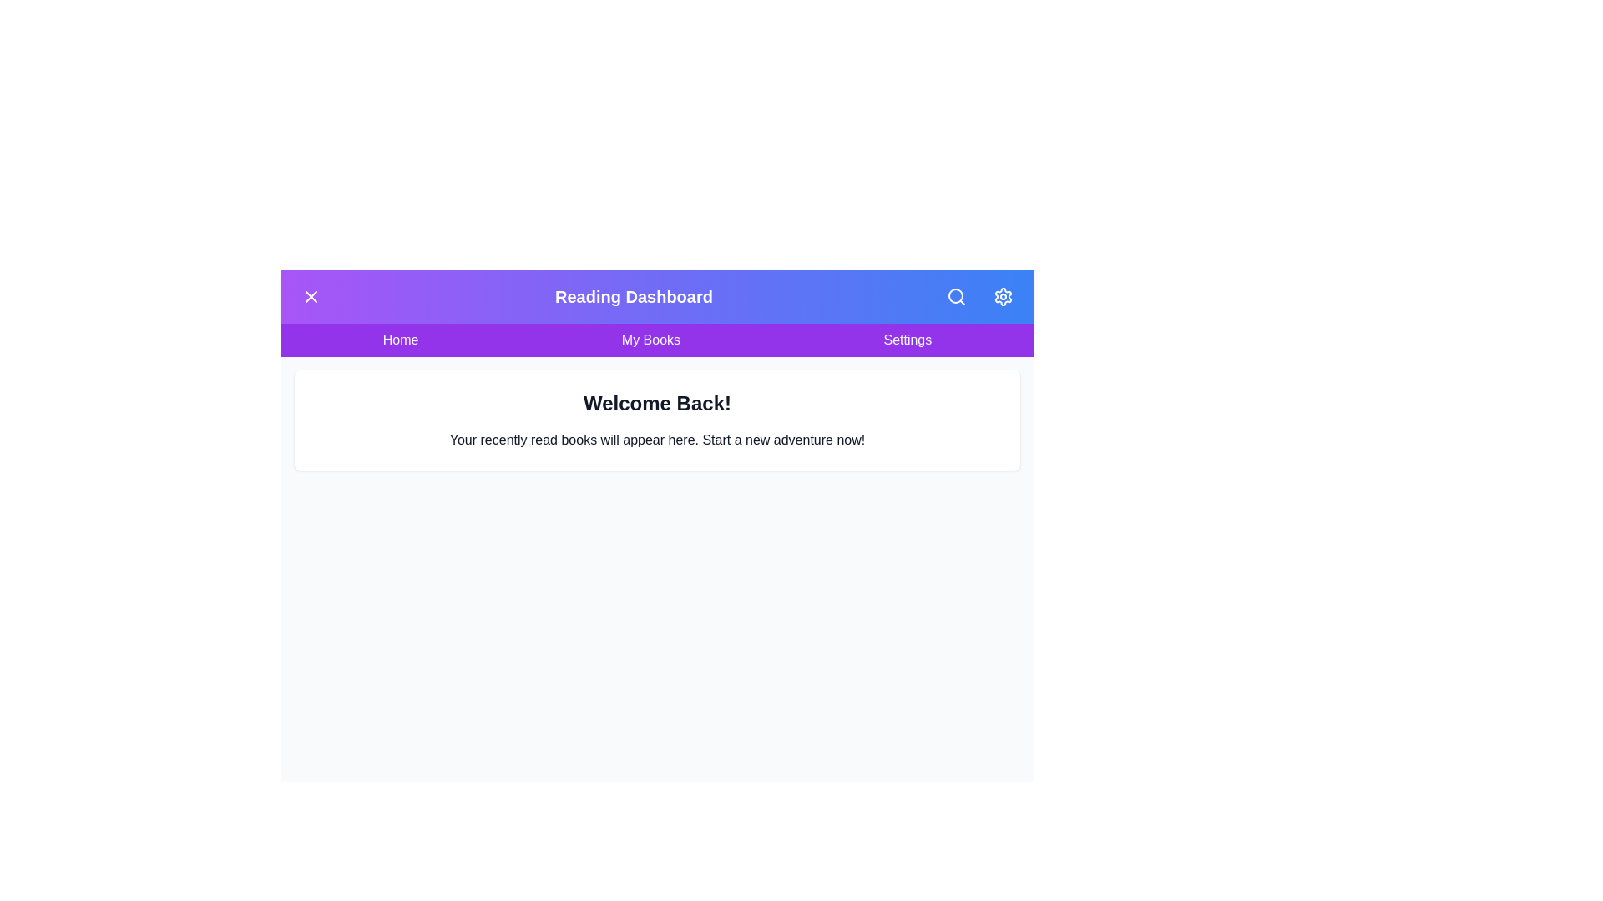 The height and width of the screenshot is (901, 1603). What do you see at coordinates (957, 295) in the screenshot?
I see `the search button to access the search functionality` at bounding box center [957, 295].